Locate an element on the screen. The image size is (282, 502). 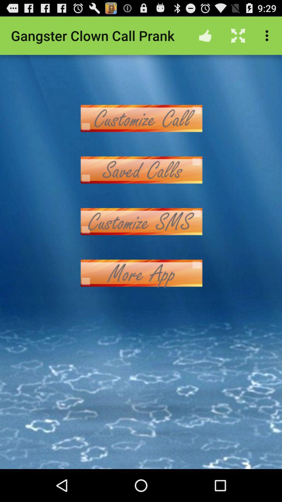
customize sms is located at coordinates (141, 221).